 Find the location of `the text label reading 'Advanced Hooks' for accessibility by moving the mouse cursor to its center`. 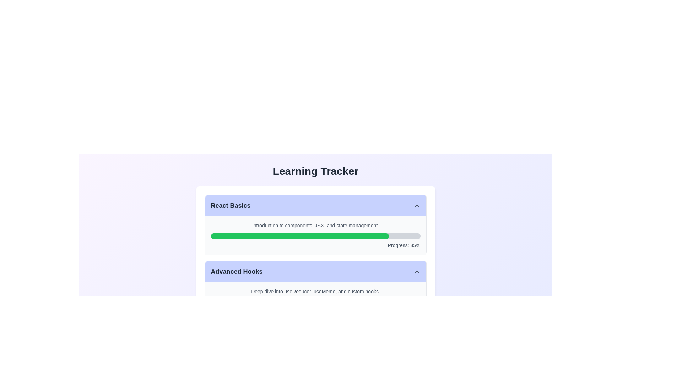

the text label reading 'Advanced Hooks' for accessibility by moving the mouse cursor to its center is located at coordinates (237, 271).